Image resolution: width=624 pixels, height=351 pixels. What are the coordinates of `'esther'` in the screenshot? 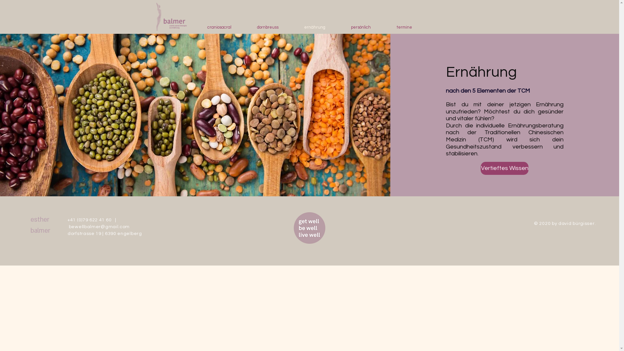 It's located at (40, 219).